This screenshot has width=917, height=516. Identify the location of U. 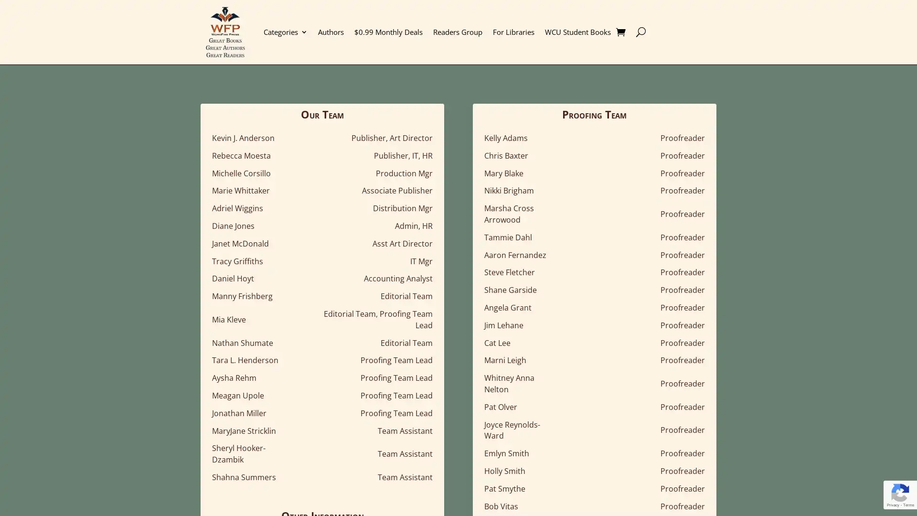
(640, 31).